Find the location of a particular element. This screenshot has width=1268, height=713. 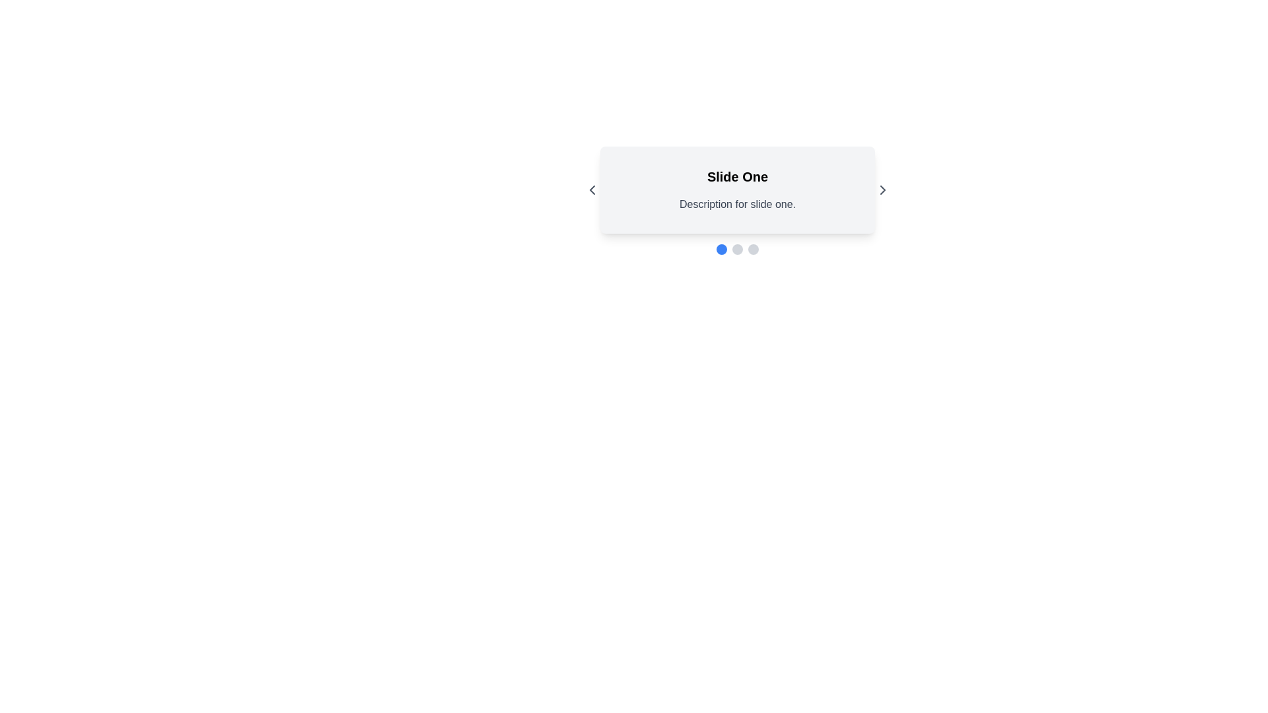

the previous slide button located on the left side of the slide frame, which is vertically centered, to alter the icon's appearance is located at coordinates (592, 190).